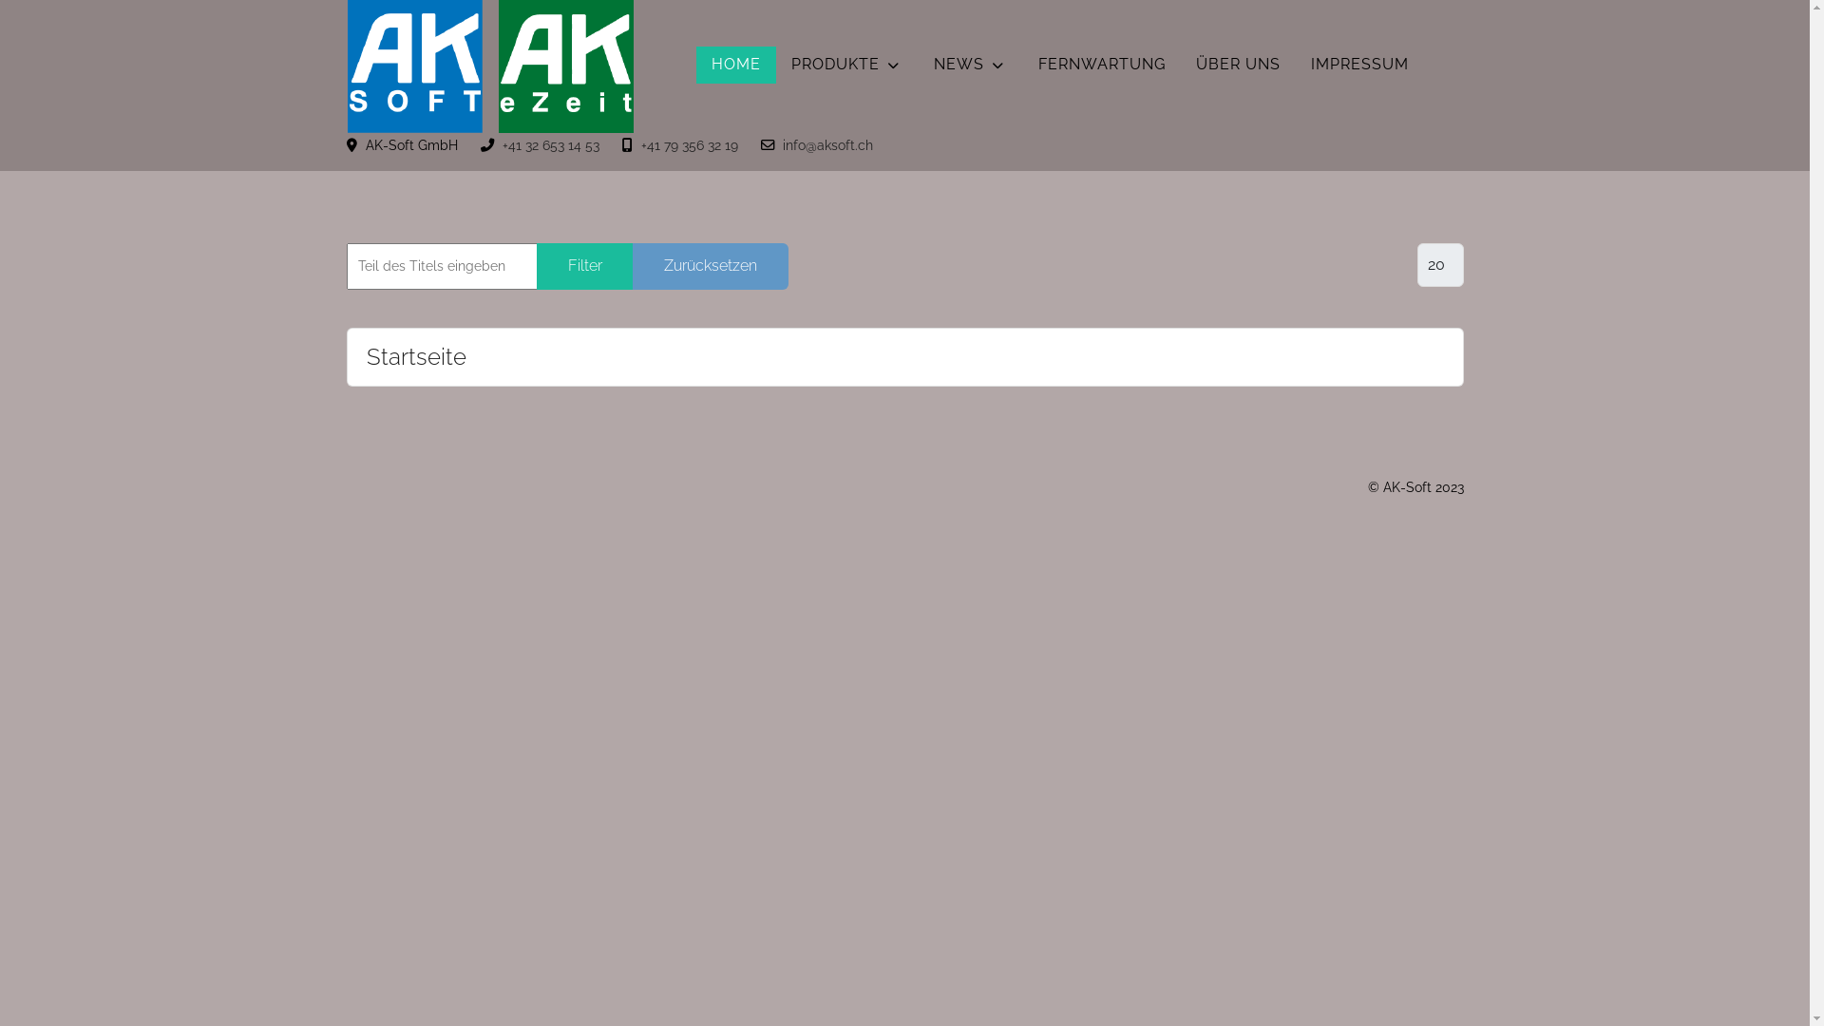 Image resolution: width=1824 pixels, height=1026 pixels. What do you see at coordinates (970, 64) in the screenshot?
I see `'NEWS'` at bounding box center [970, 64].